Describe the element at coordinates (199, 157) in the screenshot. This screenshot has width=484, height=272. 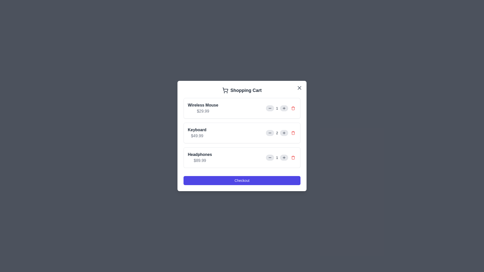
I see `text displayed for the item 'Headphones' with the price '$89.99' in the shopping cart modal` at that location.